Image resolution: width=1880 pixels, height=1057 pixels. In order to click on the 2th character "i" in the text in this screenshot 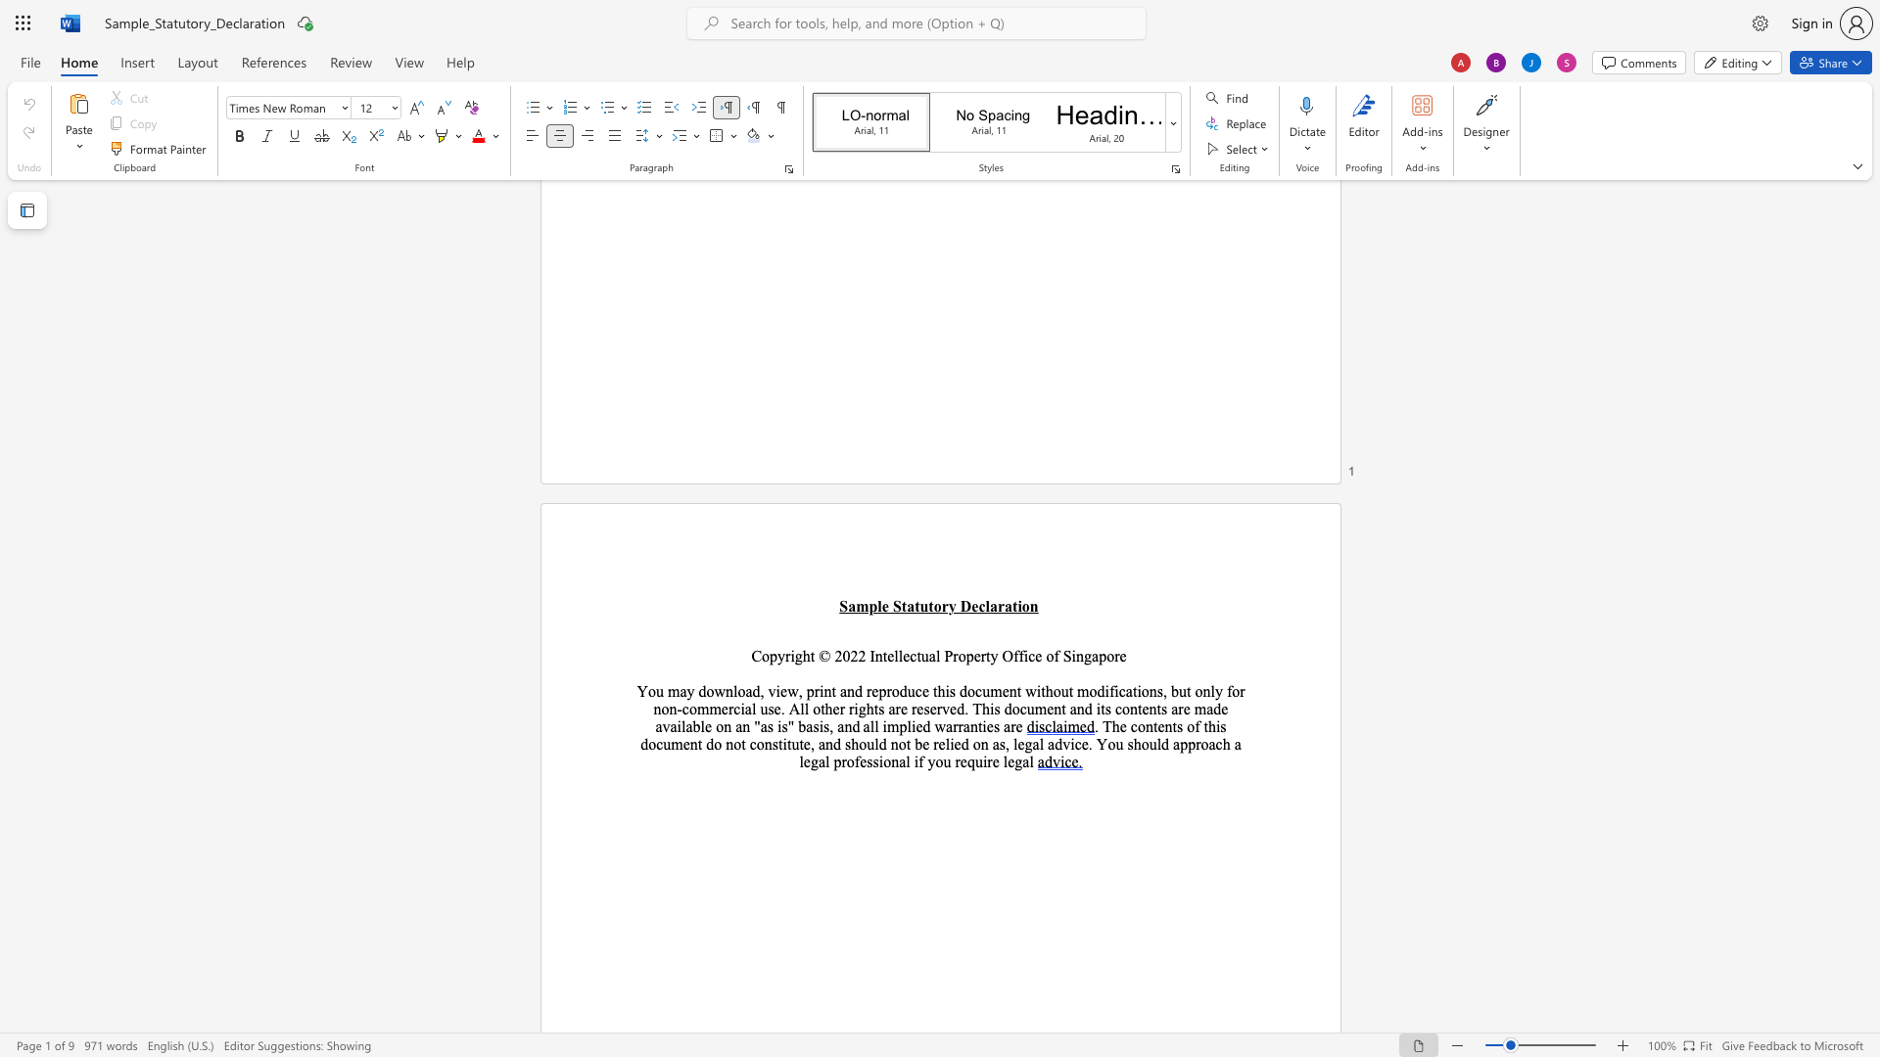, I will do `click(822, 690)`.